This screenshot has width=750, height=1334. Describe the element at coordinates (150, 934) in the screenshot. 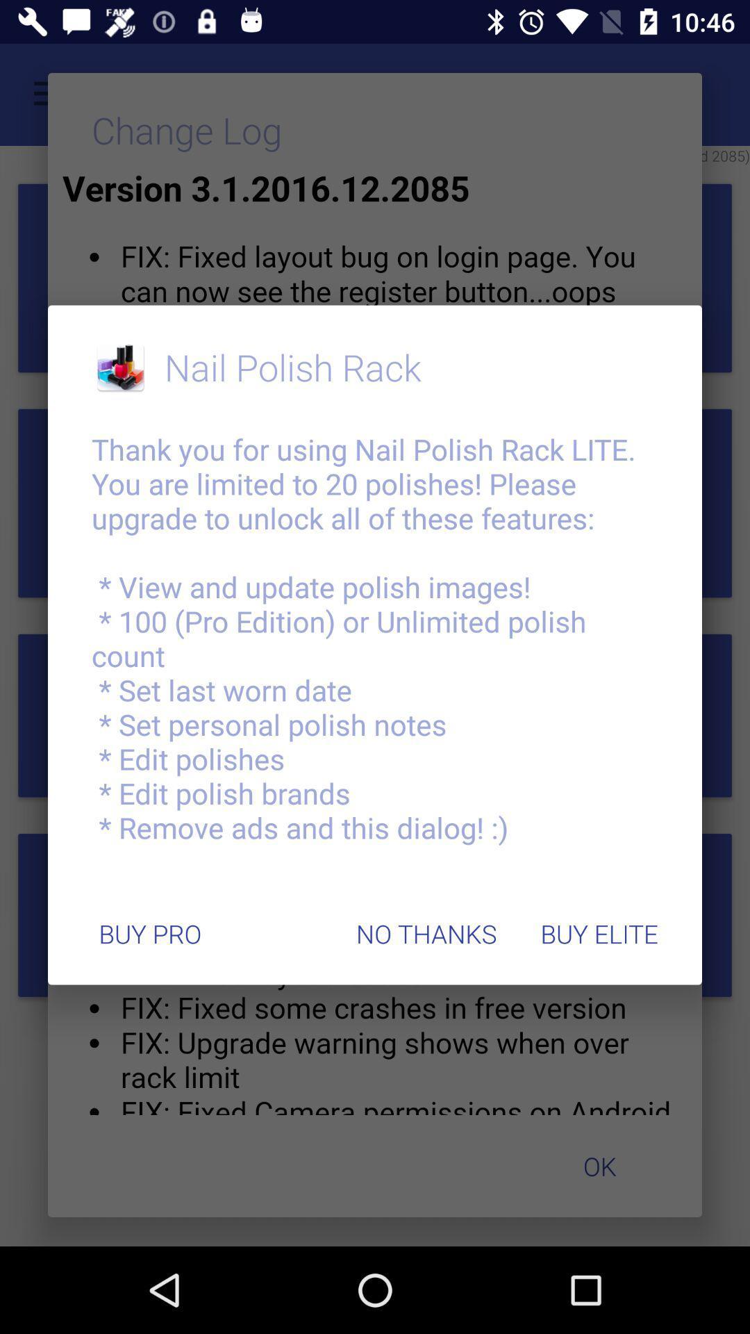

I see `the icon below thank you for item` at that location.